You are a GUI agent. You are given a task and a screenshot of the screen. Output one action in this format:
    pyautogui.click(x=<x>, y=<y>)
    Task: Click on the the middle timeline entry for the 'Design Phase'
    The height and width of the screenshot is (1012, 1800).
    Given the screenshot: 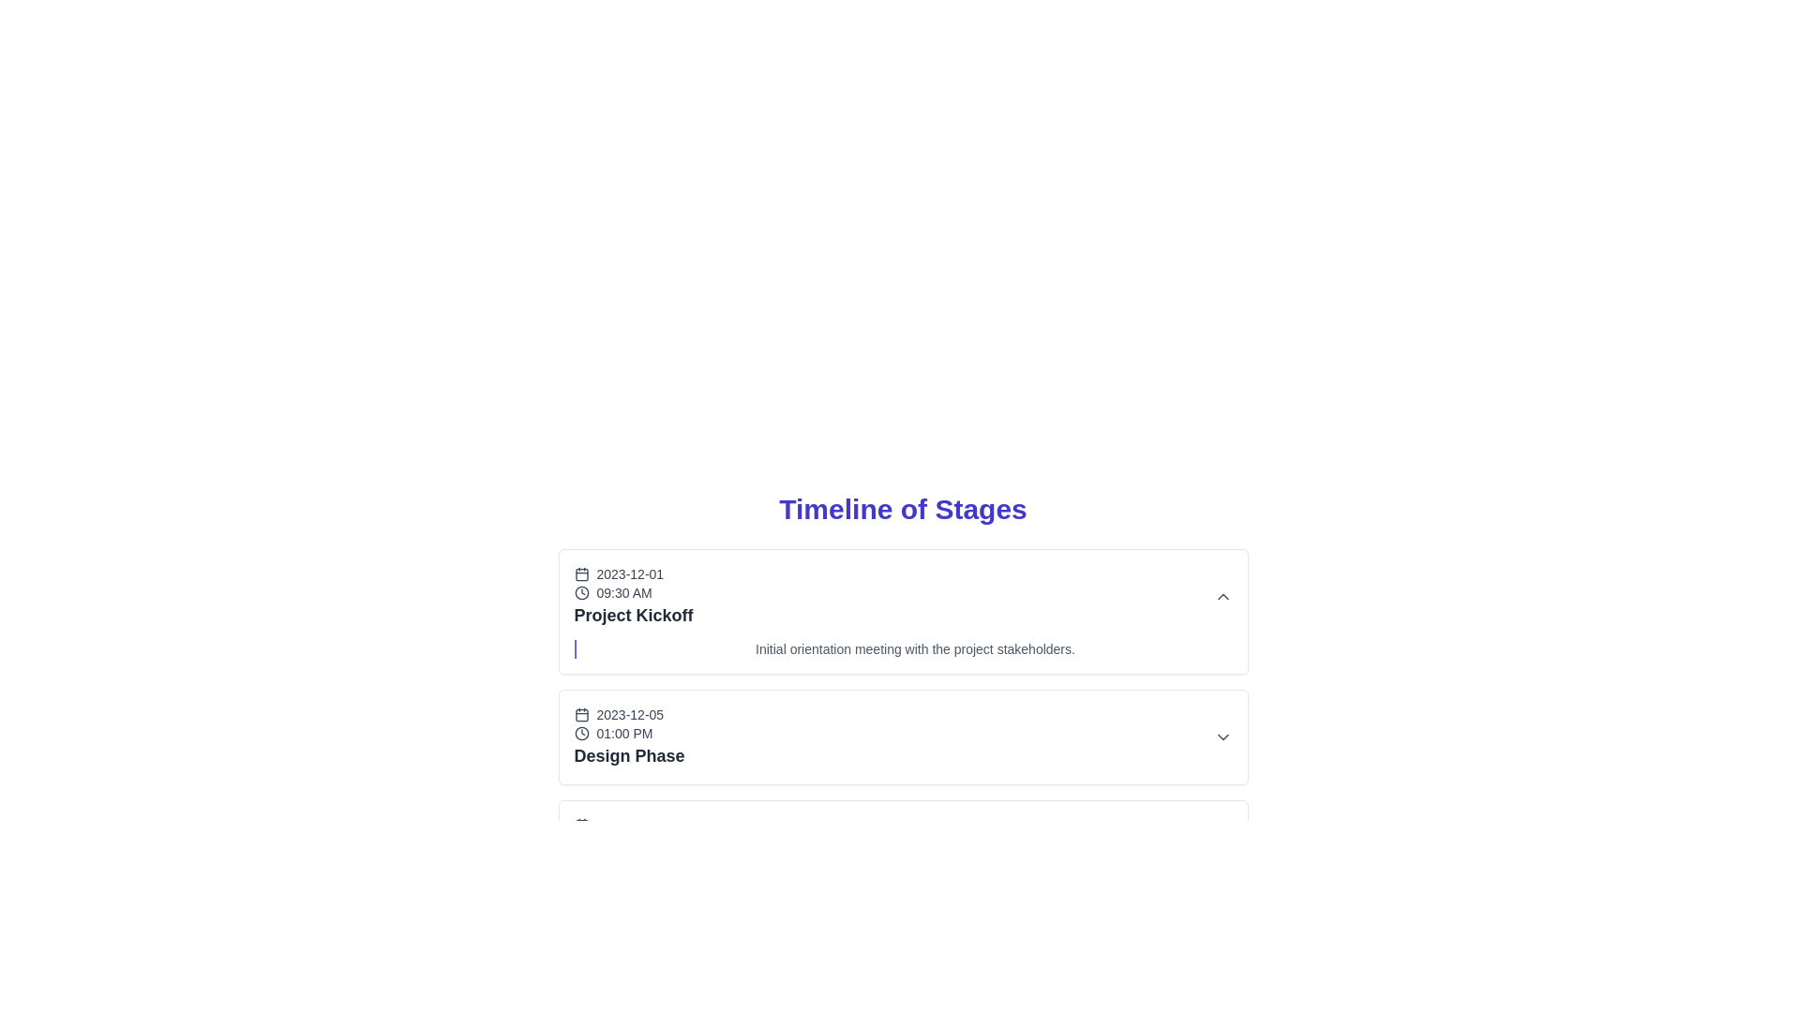 What is the action you would take?
    pyautogui.click(x=903, y=722)
    